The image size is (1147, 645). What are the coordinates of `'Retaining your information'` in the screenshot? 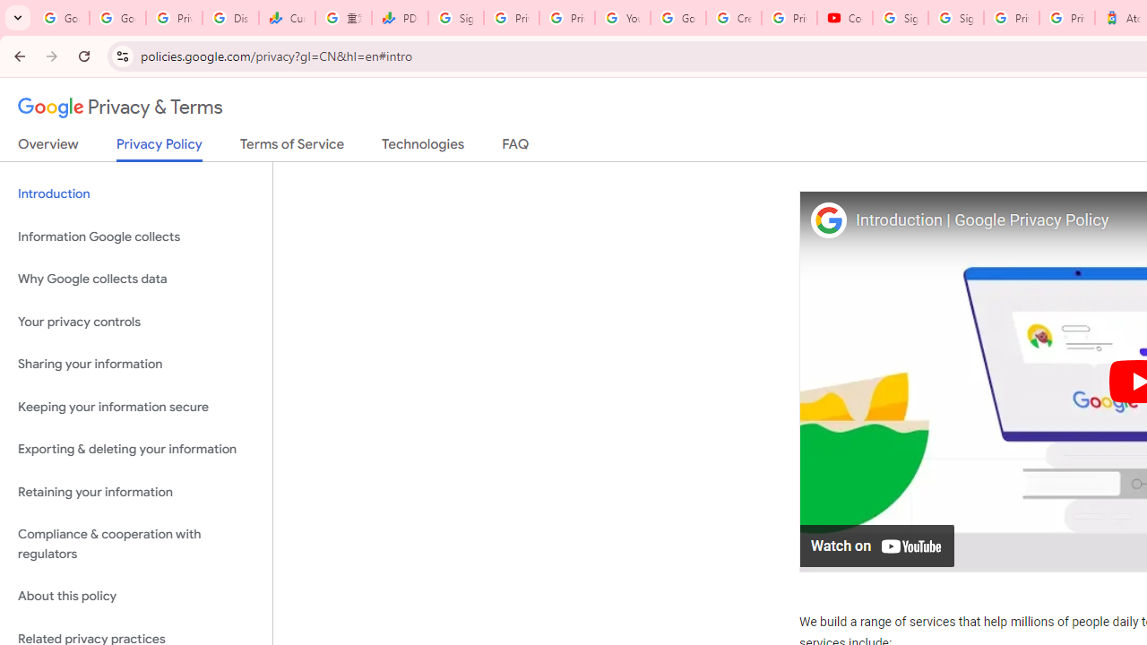 It's located at (135, 492).